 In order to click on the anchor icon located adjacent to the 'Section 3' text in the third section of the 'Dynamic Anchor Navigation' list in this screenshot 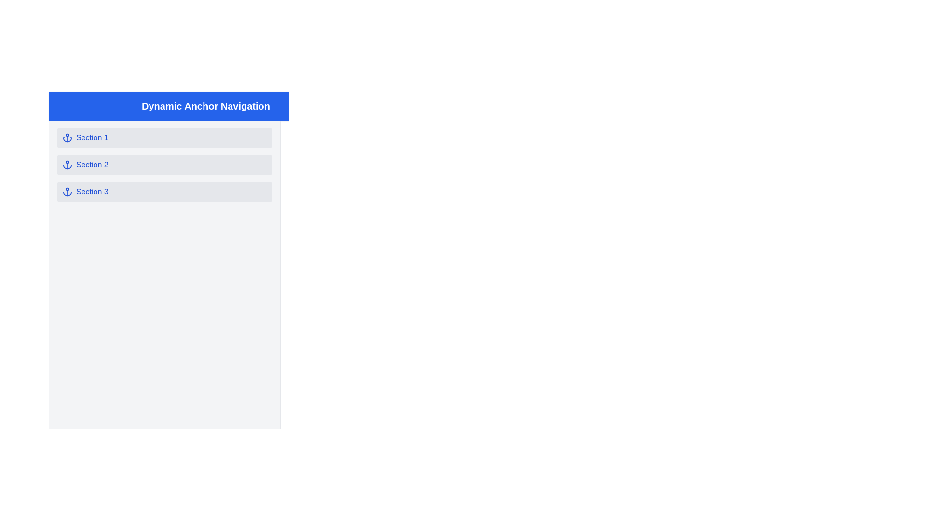, I will do `click(67, 192)`.